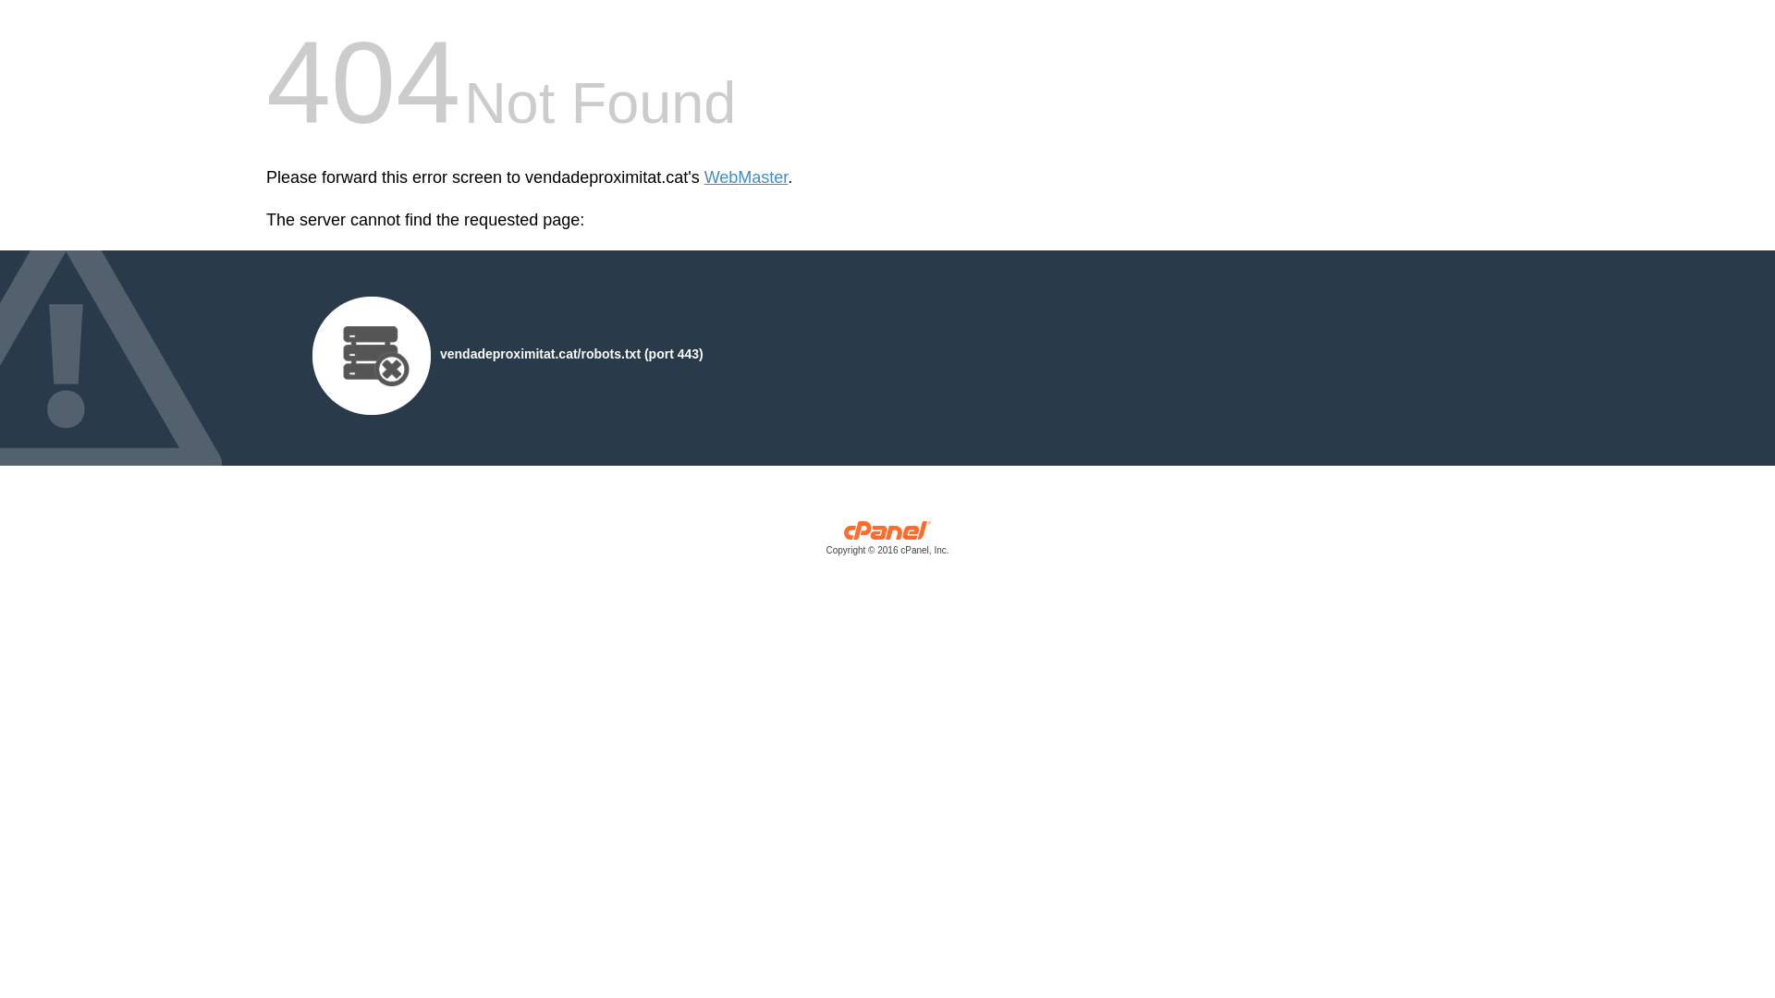 Image resolution: width=1775 pixels, height=998 pixels. What do you see at coordinates (746, 177) in the screenshot?
I see `'WebMaster'` at bounding box center [746, 177].